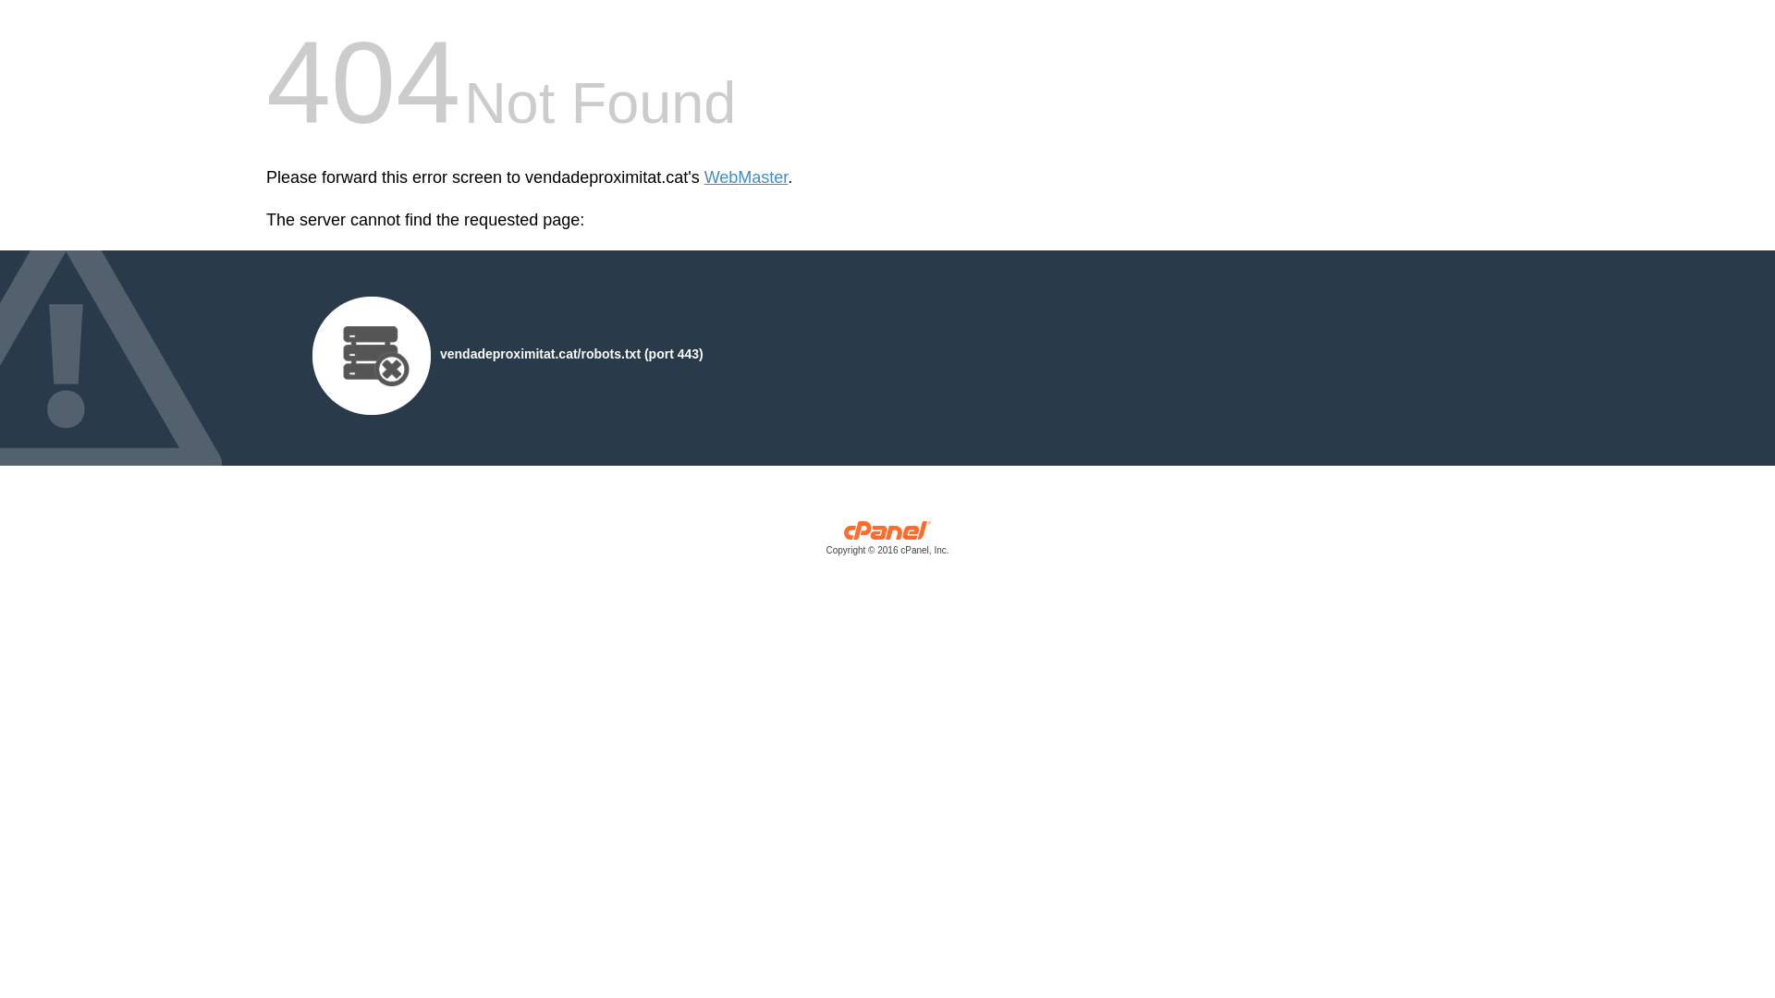 Image resolution: width=1775 pixels, height=998 pixels. What do you see at coordinates (746, 177) in the screenshot?
I see `'WebMaster'` at bounding box center [746, 177].